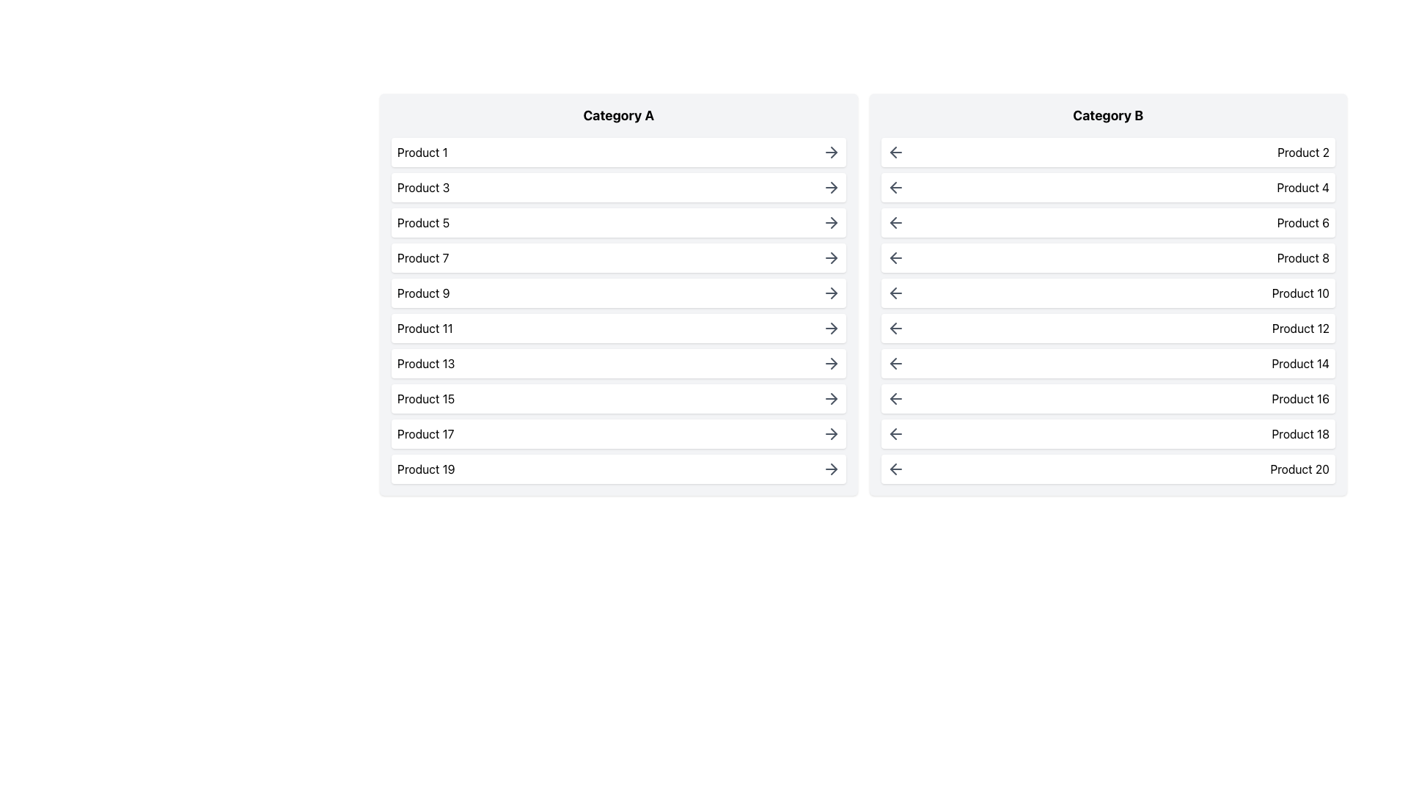 Image resolution: width=1408 pixels, height=792 pixels. I want to click on the text label for the first product in 'Category B' located at the top of the right-hand column, so click(1303, 153).